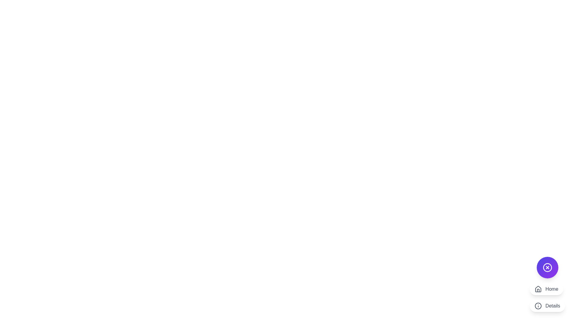 This screenshot has width=577, height=324. I want to click on the text label within the button that indicates its function, located to the right of an information icon and beneath the 'Home' button, so click(553, 306).